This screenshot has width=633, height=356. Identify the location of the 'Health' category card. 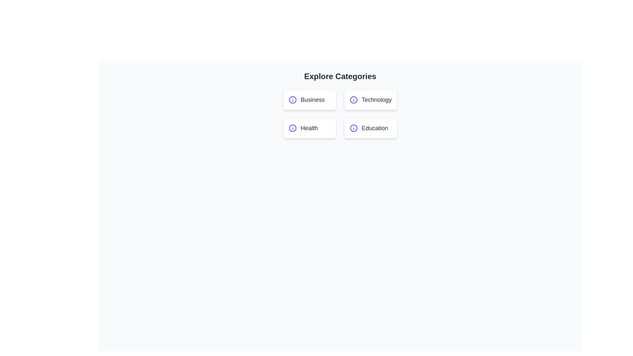
(309, 128).